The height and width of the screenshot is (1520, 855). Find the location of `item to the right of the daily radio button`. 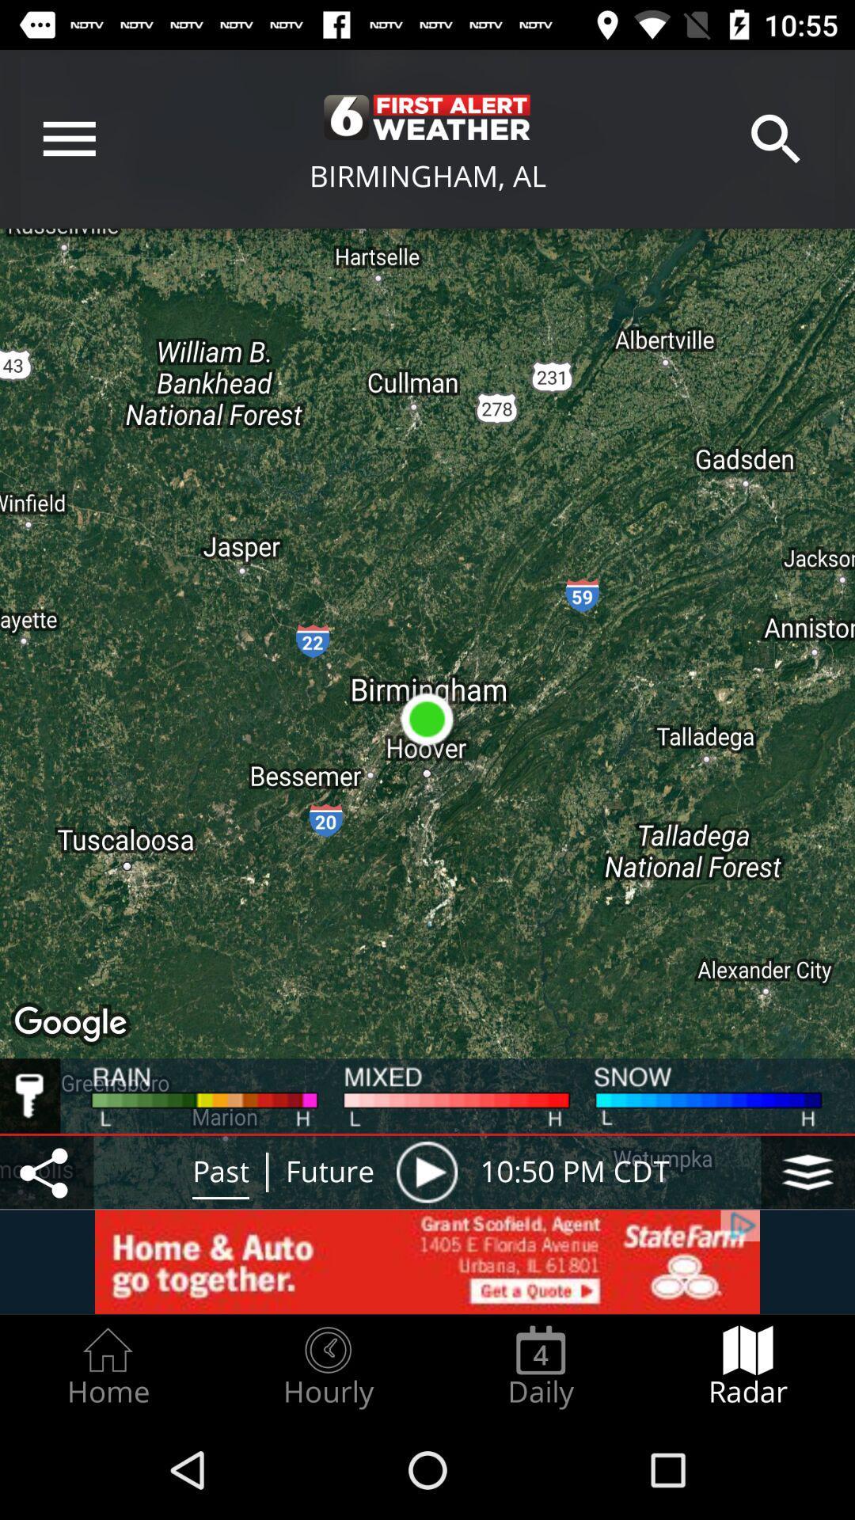

item to the right of the daily radio button is located at coordinates (748, 1366).